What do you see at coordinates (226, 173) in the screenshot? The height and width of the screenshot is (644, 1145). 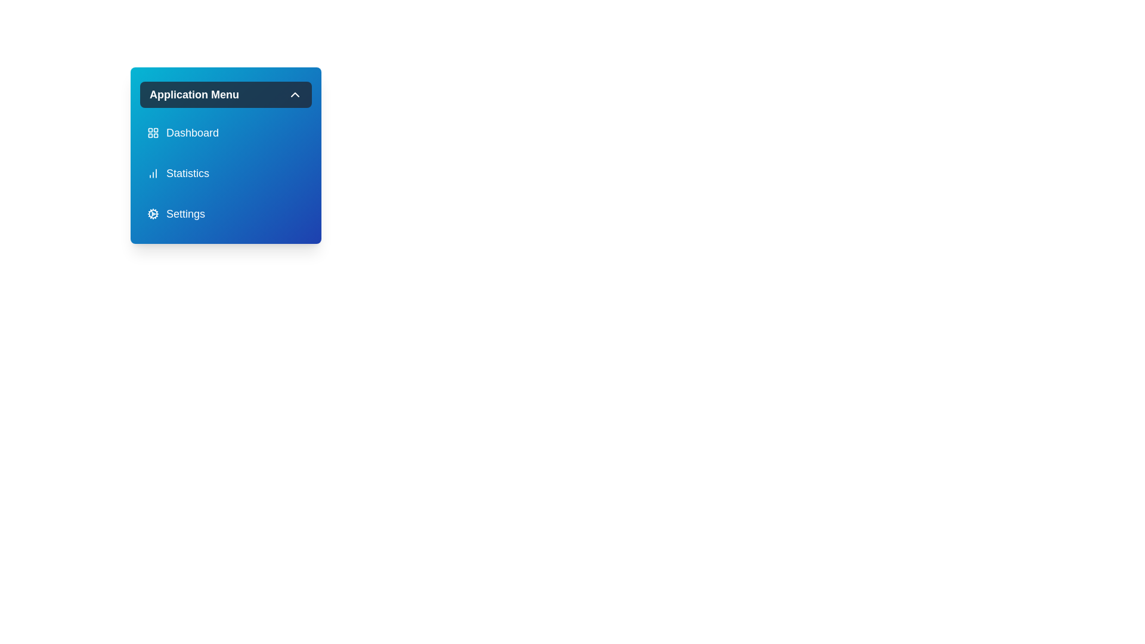 I see `the menu item labeled Statistics to select it` at bounding box center [226, 173].